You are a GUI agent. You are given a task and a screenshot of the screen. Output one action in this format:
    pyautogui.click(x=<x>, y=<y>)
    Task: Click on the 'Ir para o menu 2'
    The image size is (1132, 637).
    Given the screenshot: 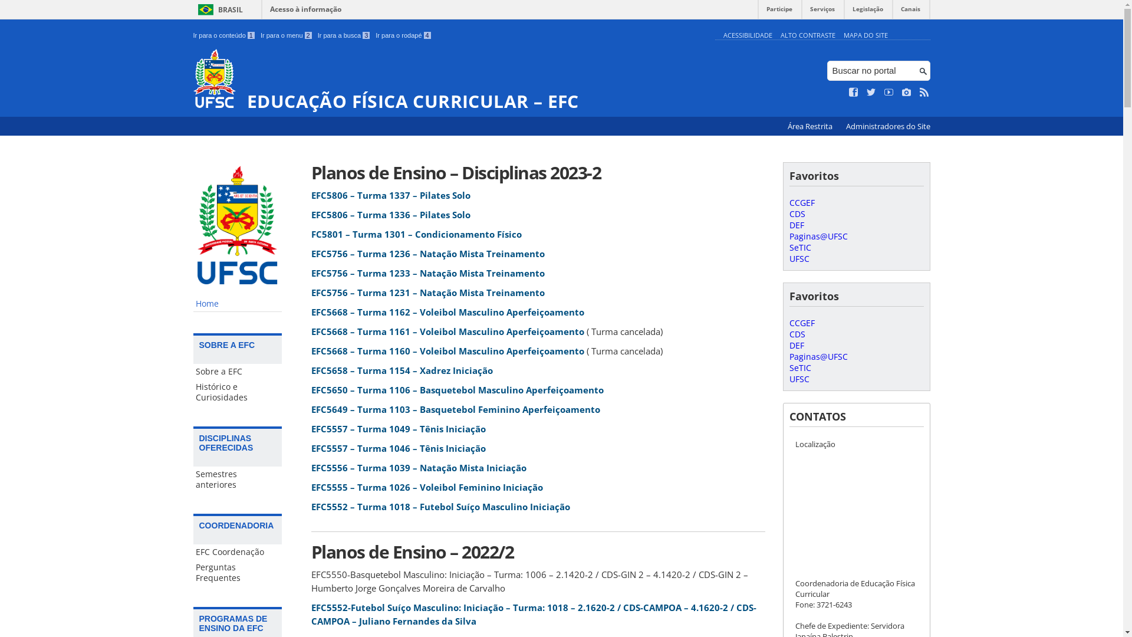 What is the action you would take?
    pyautogui.click(x=286, y=35)
    